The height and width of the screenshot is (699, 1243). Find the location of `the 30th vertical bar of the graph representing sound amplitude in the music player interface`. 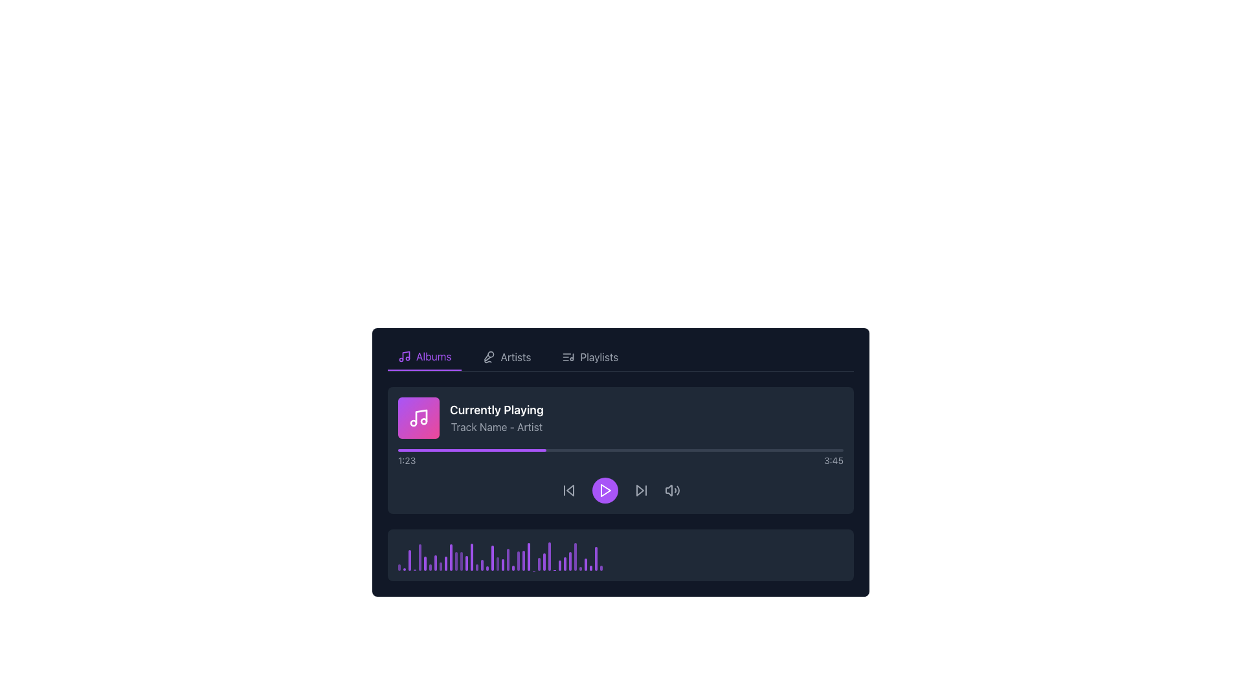

the 30th vertical bar of the graph representing sound amplitude in the music player interface is located at coordinates (559, 565).